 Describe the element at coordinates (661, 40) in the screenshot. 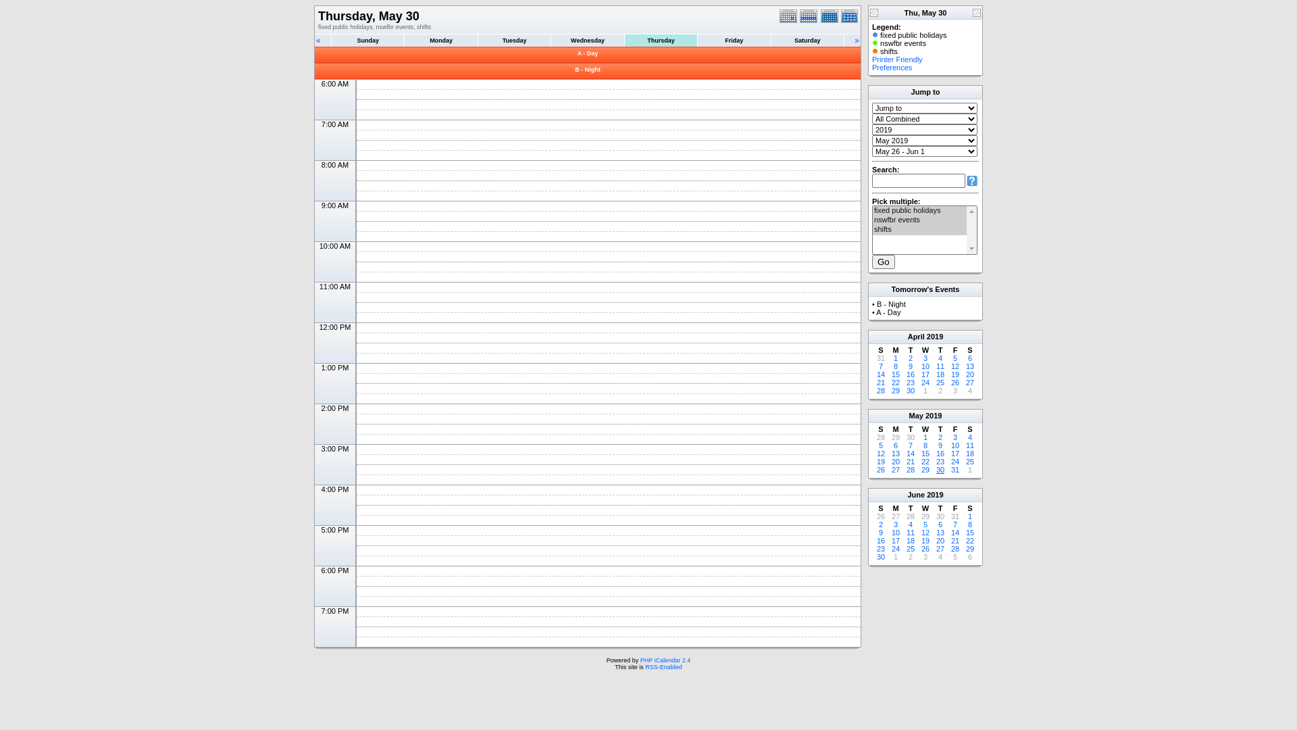

I see `'Thursday'` at that location.